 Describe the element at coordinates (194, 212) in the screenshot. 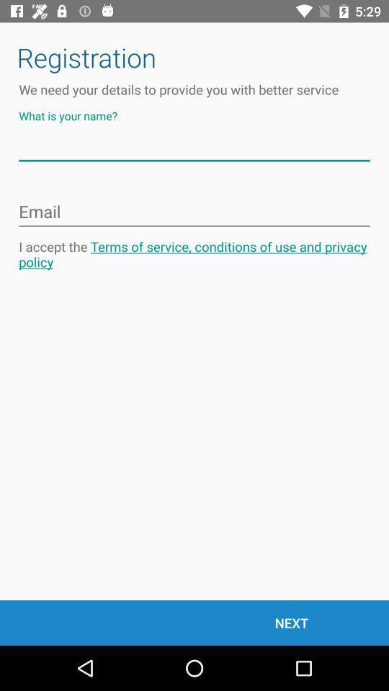

I see `type the email address` at that location.